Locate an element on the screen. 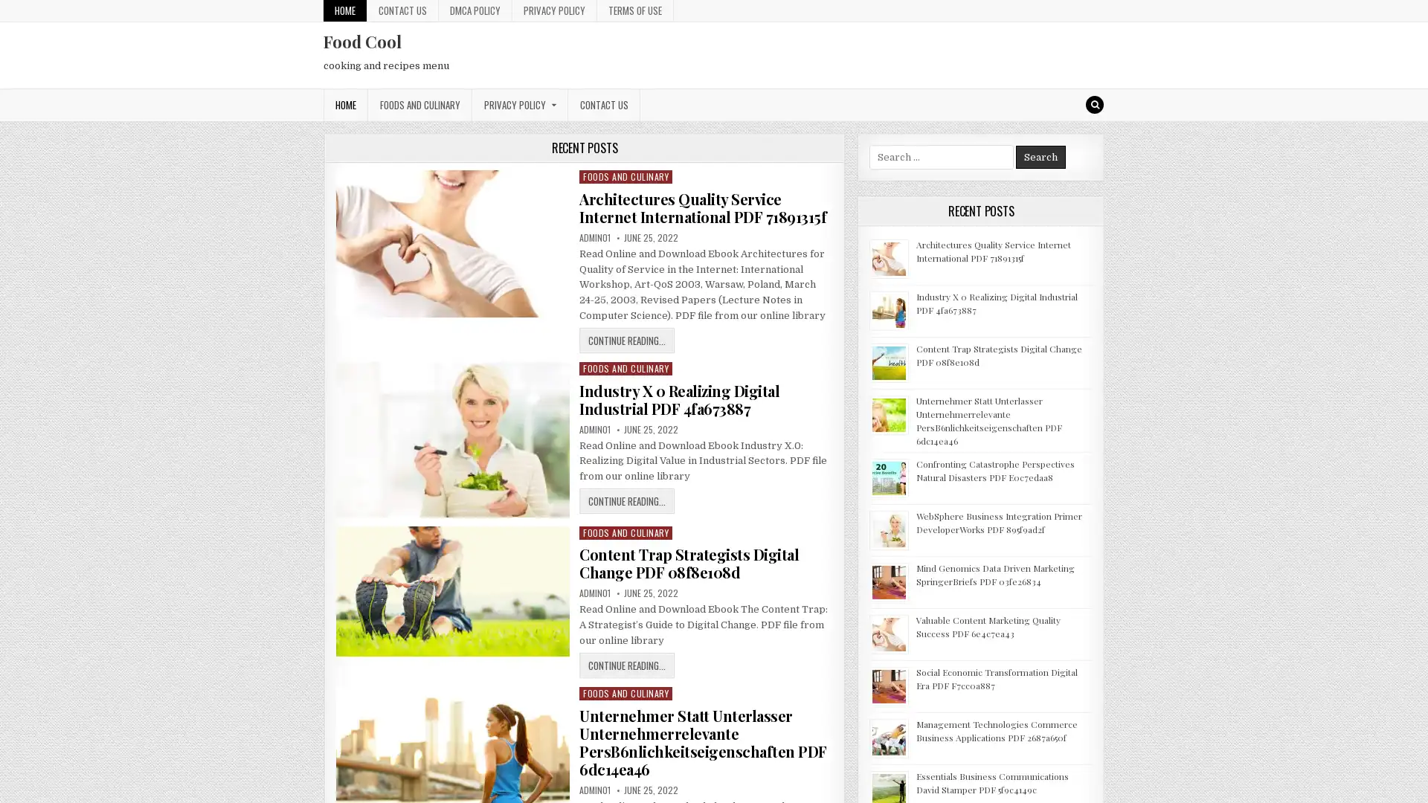 This screenshot has width=1428, height=803. Search is located at coordinates (1040, 157).